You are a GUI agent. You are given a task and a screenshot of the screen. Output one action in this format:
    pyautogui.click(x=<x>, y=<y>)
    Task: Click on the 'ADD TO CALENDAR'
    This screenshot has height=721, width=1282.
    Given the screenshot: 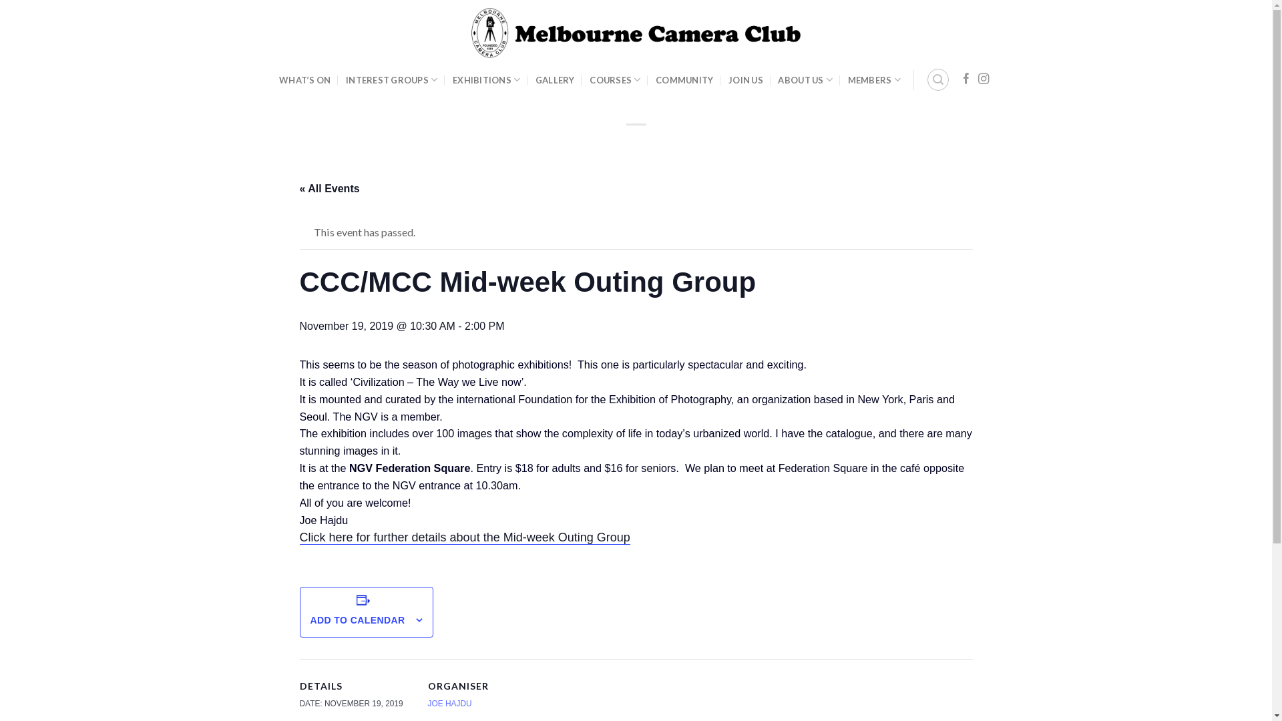 What is the action you would take?
    pyautogui.click(x=357, y=620)
    